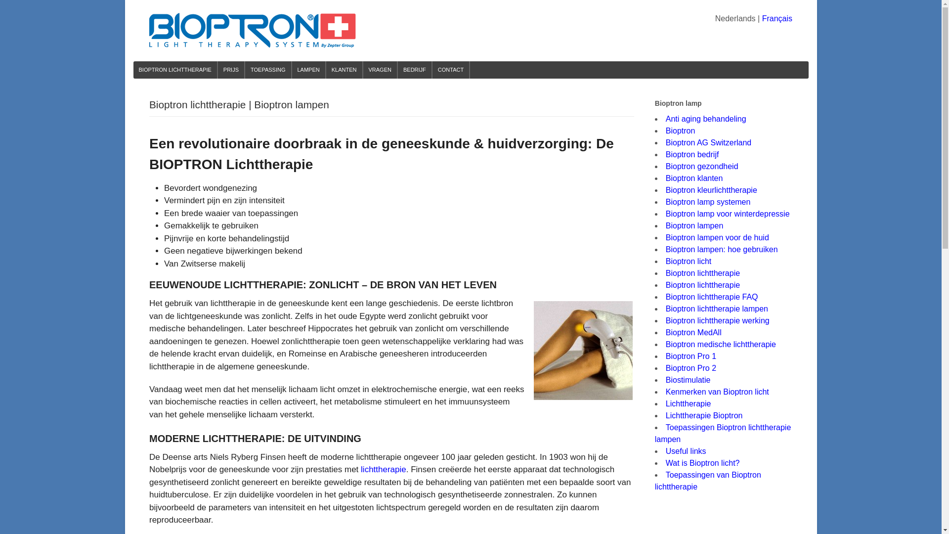 This screenshot has width=949, height=534. What do you see at coordinates (704, 415) in the screenshot?
I see `'Lichttherapie Bioptron'` at bounding box center [704, 415].